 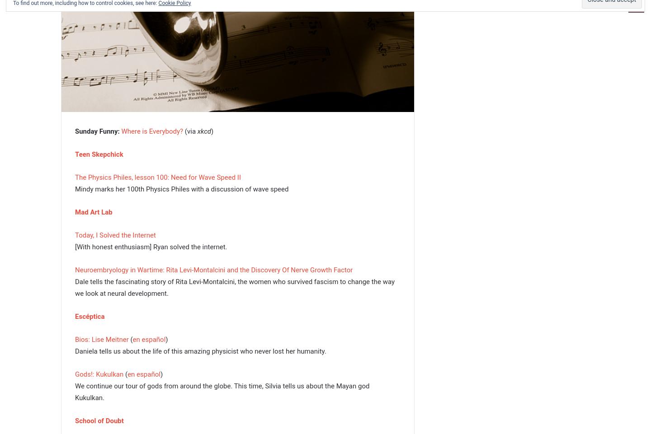 What do you see at coordinates (200, 350) in the screenshot?
I see `'Daniela tells us about the life of this amazing physicist who never lost her humanity.'` at bounding box center [200, 350].